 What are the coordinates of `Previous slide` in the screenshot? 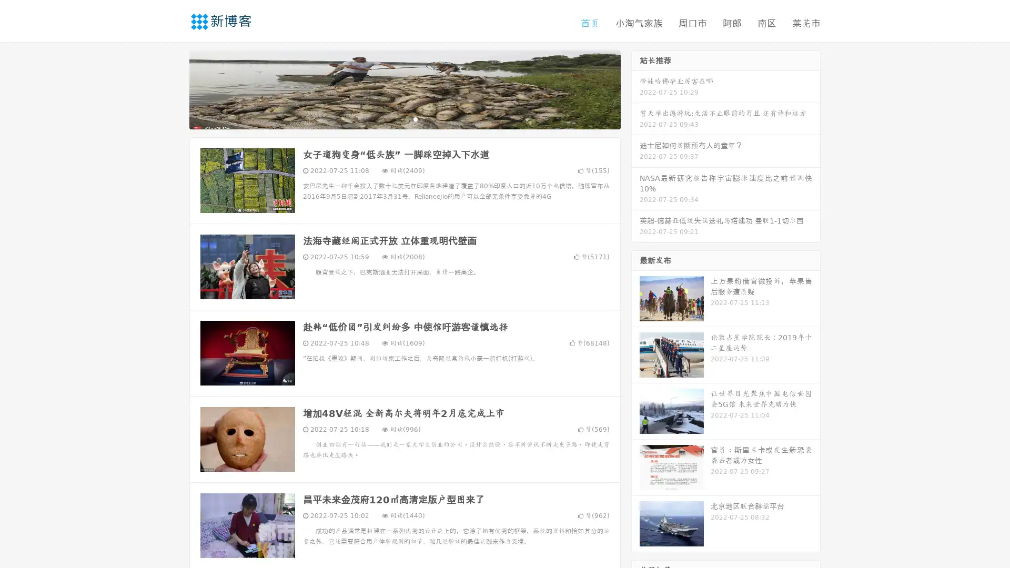 It's located at (174, 88).